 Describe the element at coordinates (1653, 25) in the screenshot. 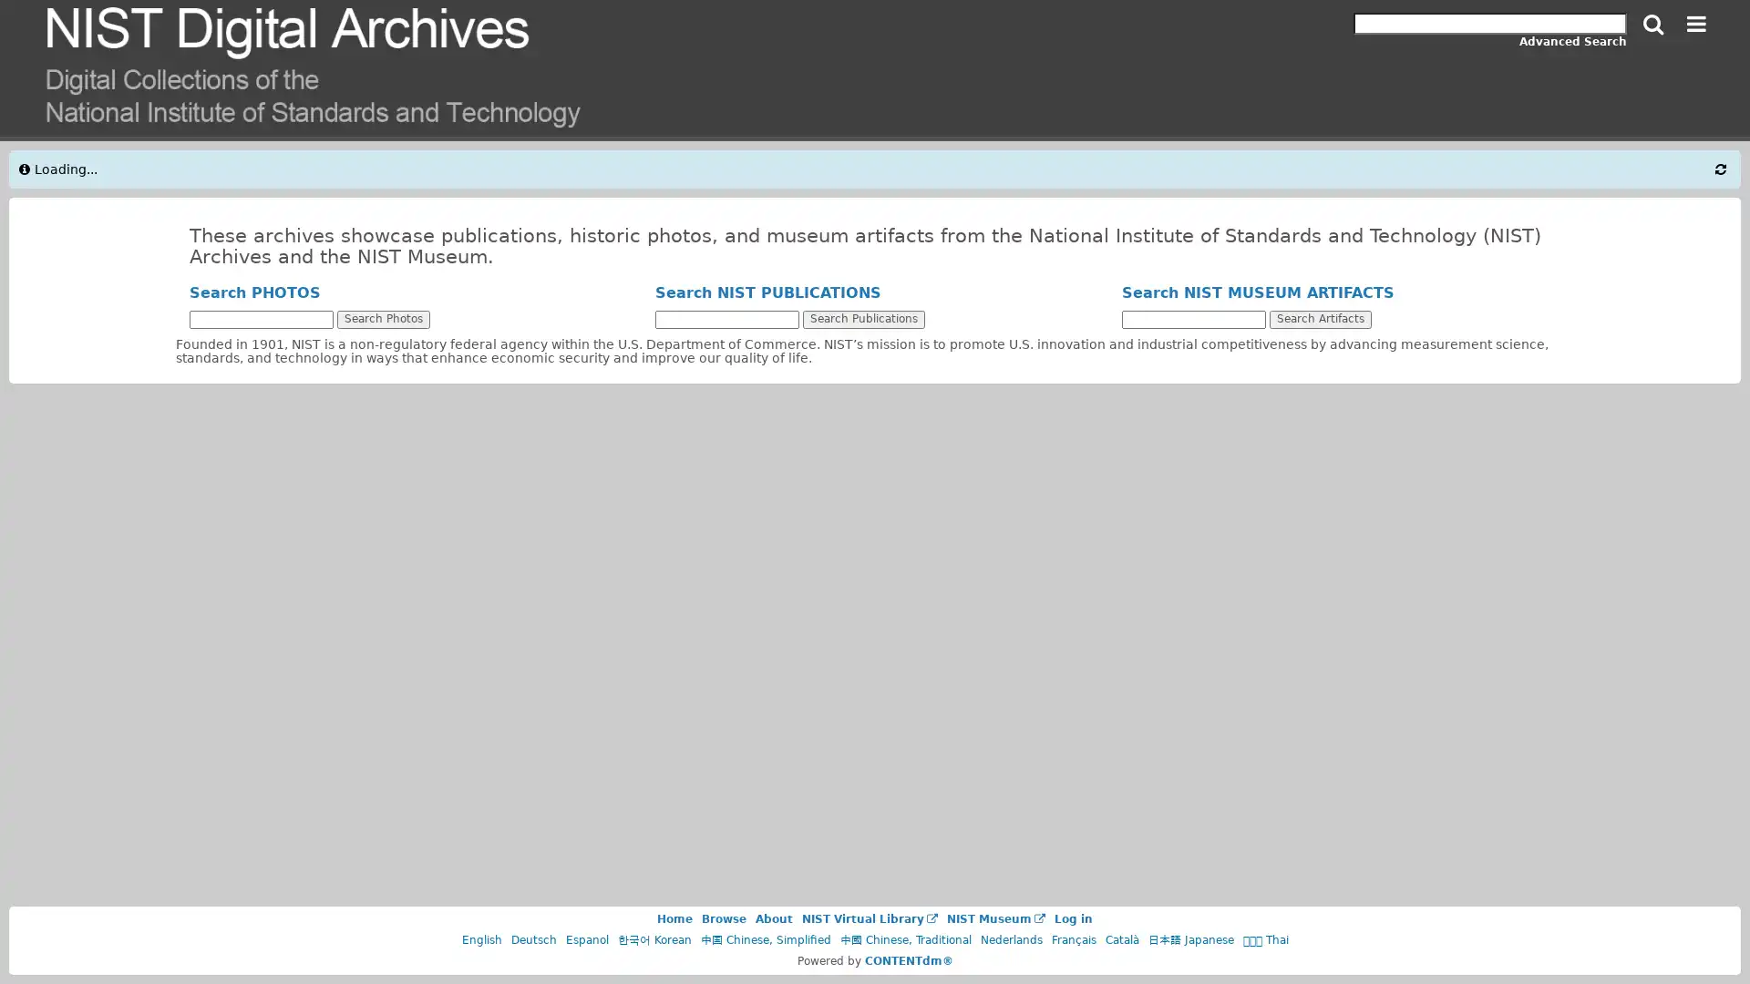

I see `Search` at that location.